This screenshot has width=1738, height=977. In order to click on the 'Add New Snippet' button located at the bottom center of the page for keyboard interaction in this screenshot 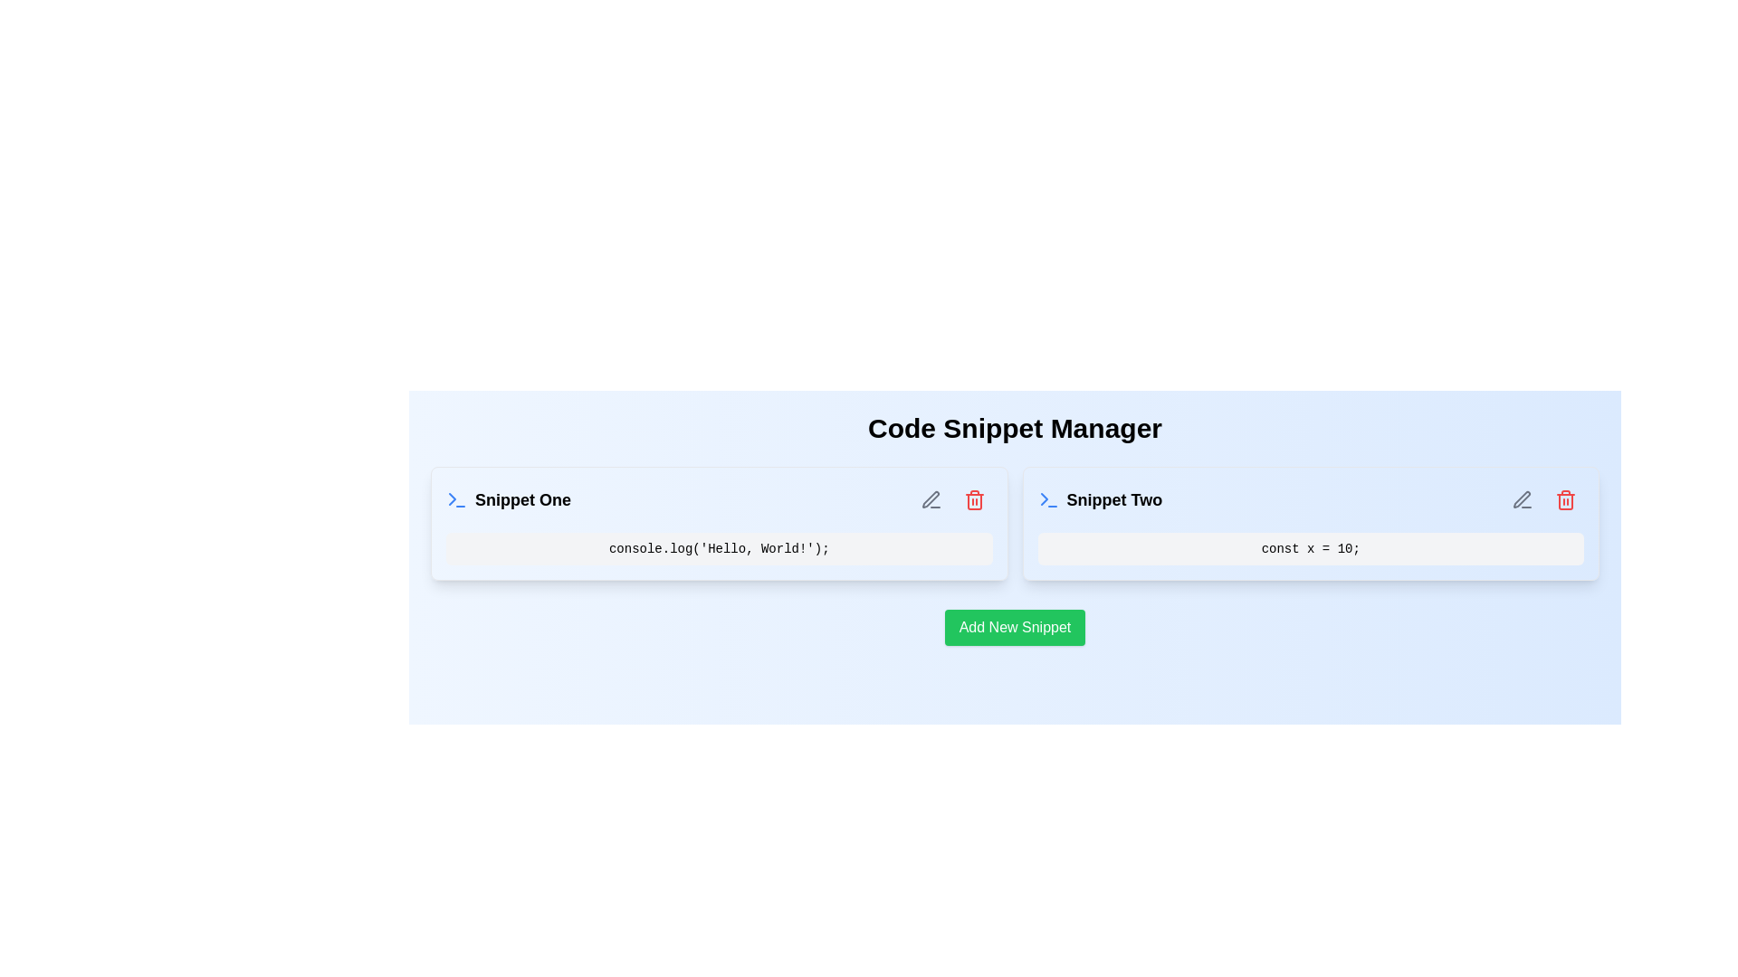, I will do `click(1015, 627)`.